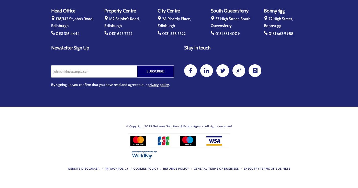 Image resolution: width=358 pixels, height=188 pixels. Describe the element at coordinates (227, 33) in the screenshot. I see `'0131 331 4009'` at that location.